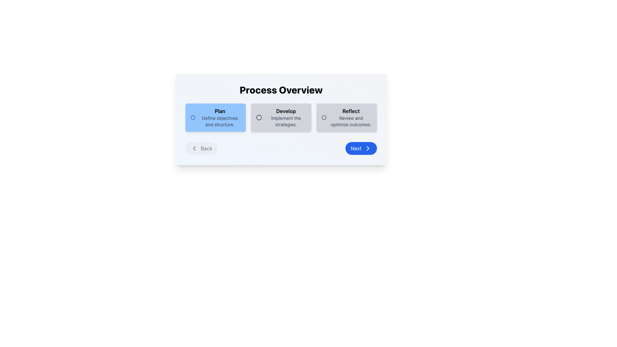  What do you see at coordinates (259, 118) in the screenshot?
I see `the SVG Circle Element located in the center of the 'Develop' section of the step-wise process interface` at bounding box center [259, 118].